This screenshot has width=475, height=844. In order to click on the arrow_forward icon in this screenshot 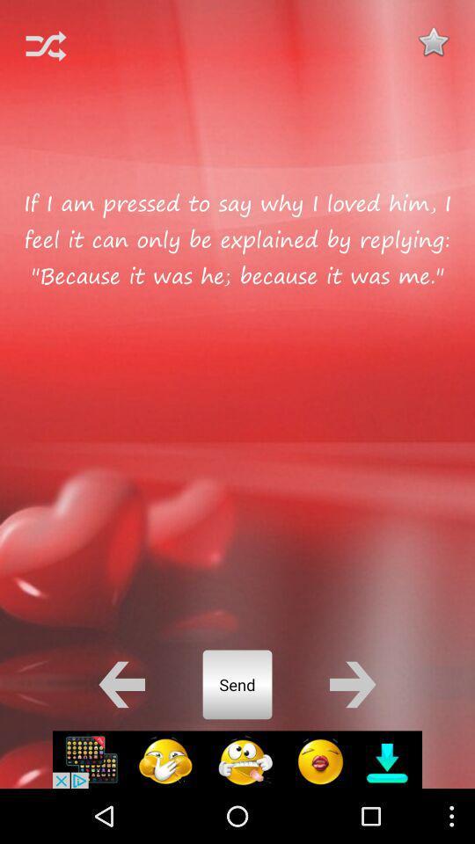, I will do `click(353, 732)`.